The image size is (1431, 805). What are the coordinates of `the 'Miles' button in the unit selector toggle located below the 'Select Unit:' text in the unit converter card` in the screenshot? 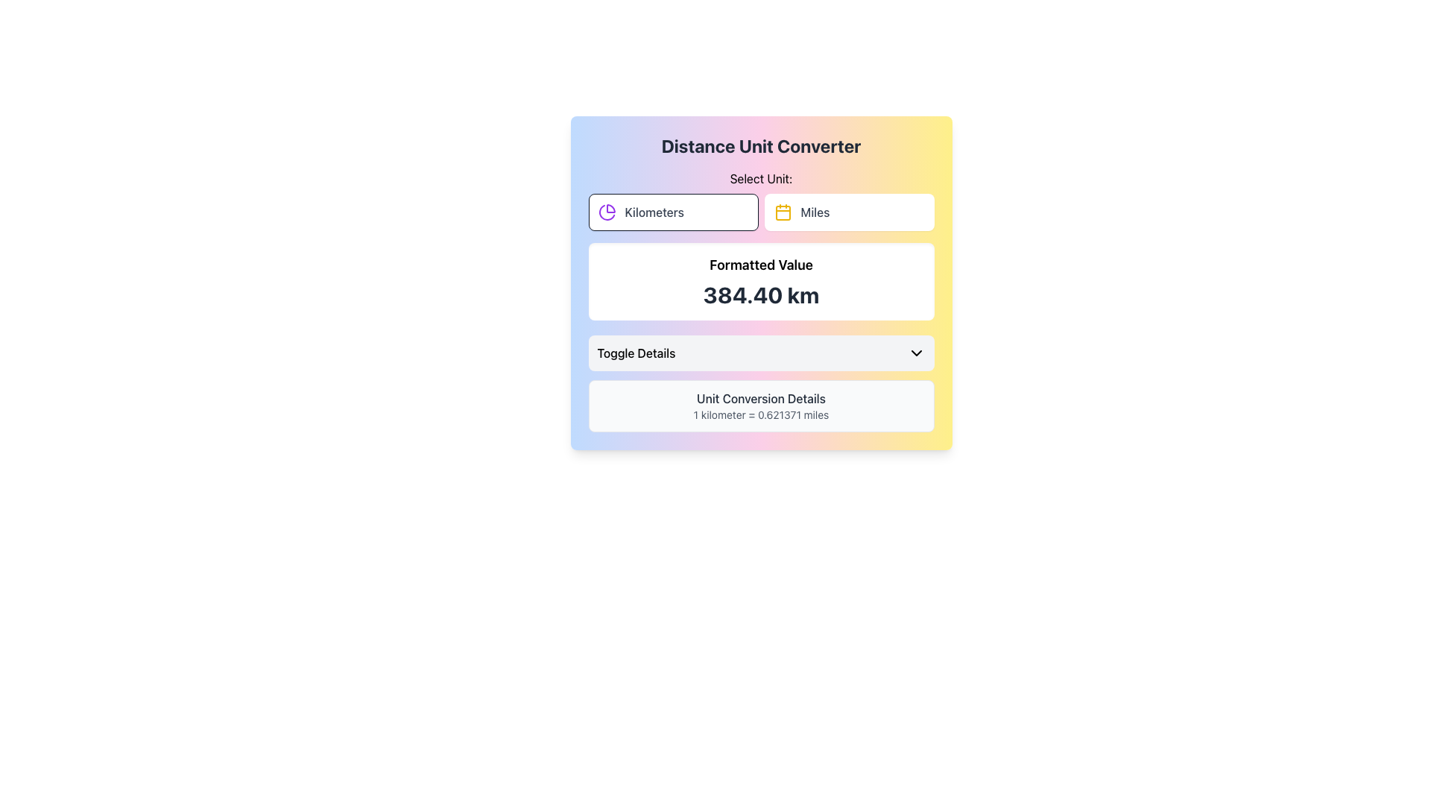 It's located at (761, 212).